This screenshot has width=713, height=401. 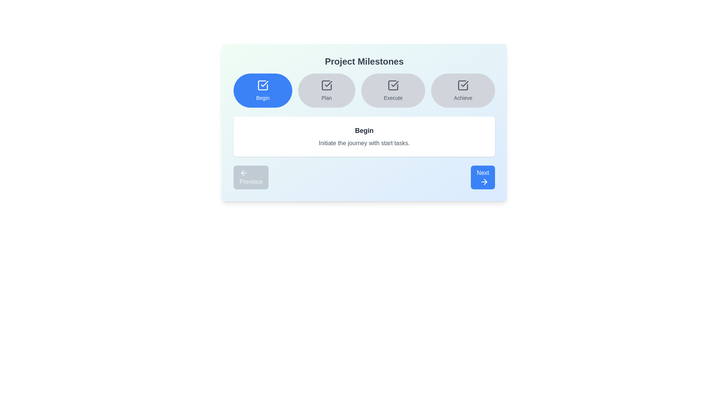 What do you see at coordinates (393, 90) in the screenshot?
I see `the 'Execute' button, which is the third button in a sequence under the 'Project Milestones' title` at bounding box center [393, 90].